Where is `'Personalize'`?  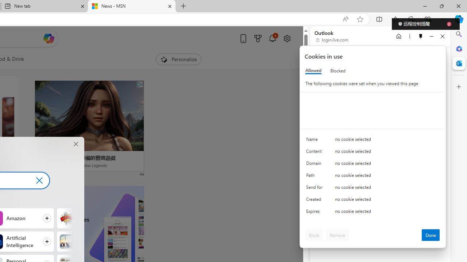
'Personalize' is located at coordinates (178, 59).